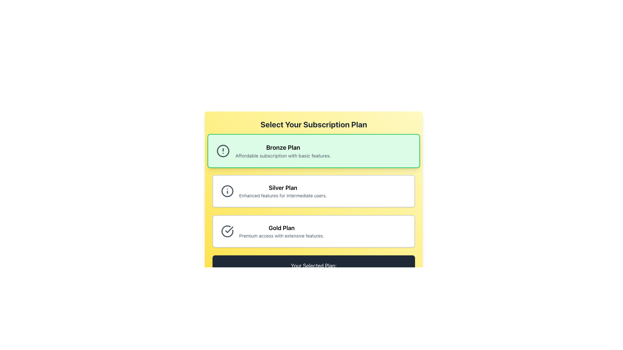 This screenshot has height=350, width=623. What do you see at coordinates (227, 191) in the screenshot?
I see `the SVG circle element, which is a part of an information or alert icon, located between the 'Bronze Plan' and 'Gold Plan' rows` at bounding box center [227, 191].